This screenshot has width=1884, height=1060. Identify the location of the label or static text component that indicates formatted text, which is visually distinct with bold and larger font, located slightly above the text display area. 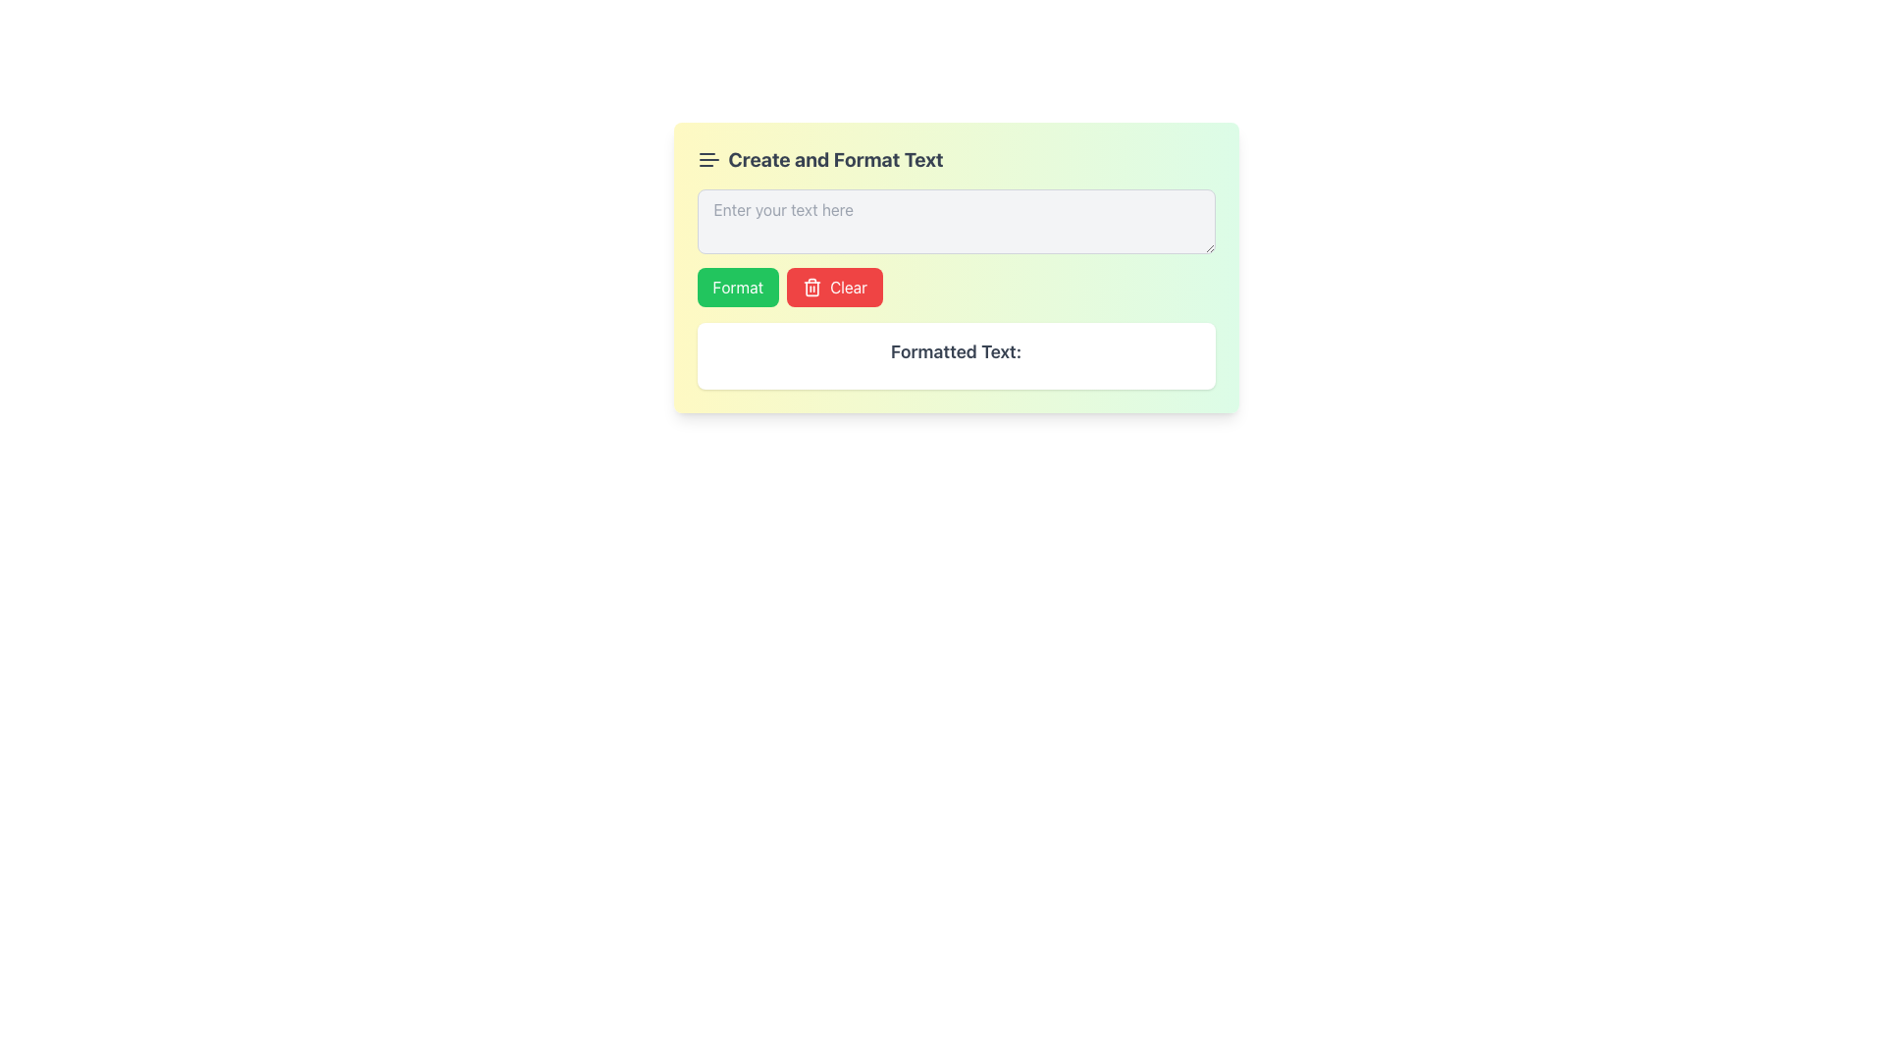
(956, 350).